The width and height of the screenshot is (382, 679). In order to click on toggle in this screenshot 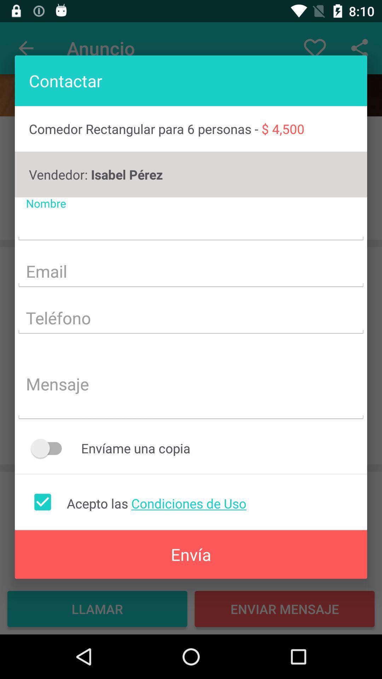, I will do `click(50, 448)`.